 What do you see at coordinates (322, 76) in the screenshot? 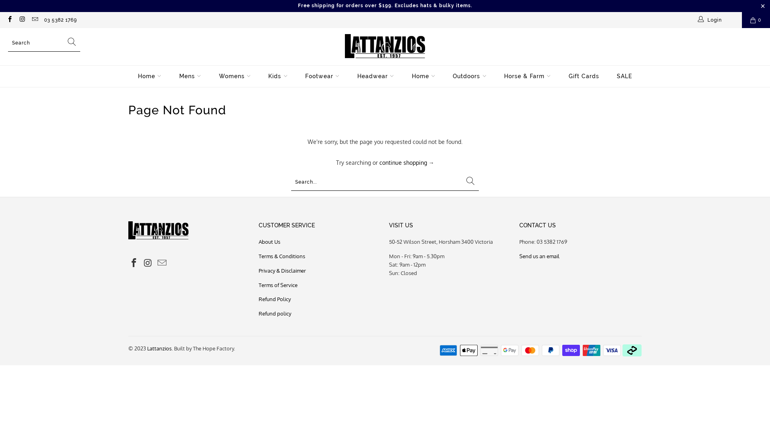
I see `'Footwear'` at bounding box center [322, 76].